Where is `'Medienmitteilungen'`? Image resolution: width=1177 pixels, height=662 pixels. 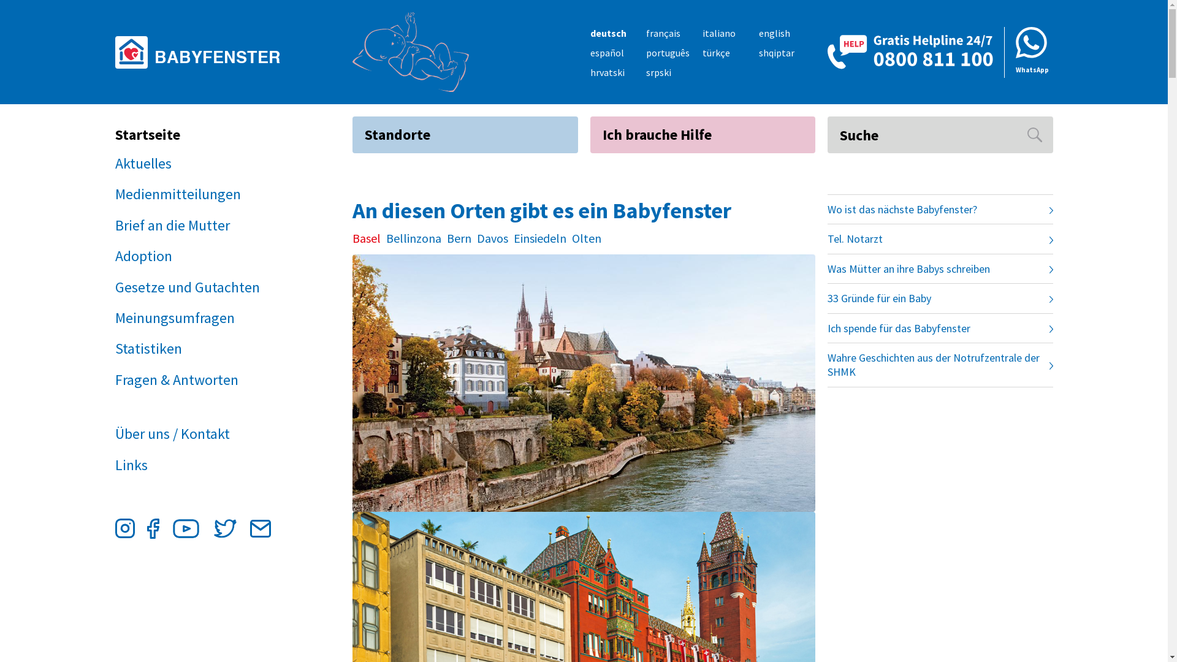 'Medienmitteilungen' is located at coordinates (205, 193).